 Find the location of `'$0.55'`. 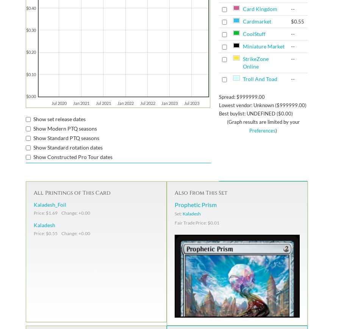

'$0.55' is located at coordinates (297, 21).